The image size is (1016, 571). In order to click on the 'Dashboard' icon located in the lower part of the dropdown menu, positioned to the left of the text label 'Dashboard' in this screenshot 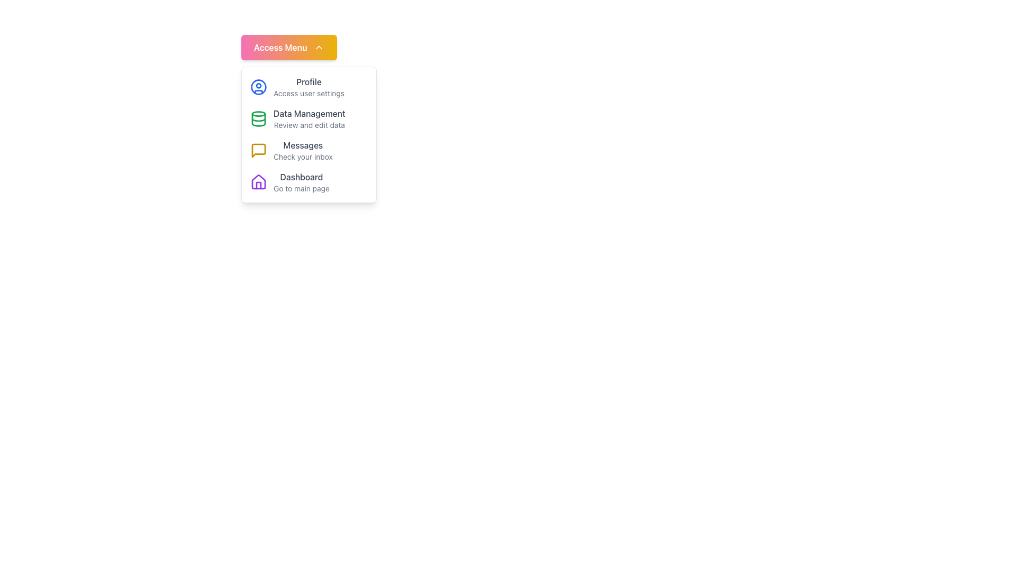, I will do `click(259, 181)`.